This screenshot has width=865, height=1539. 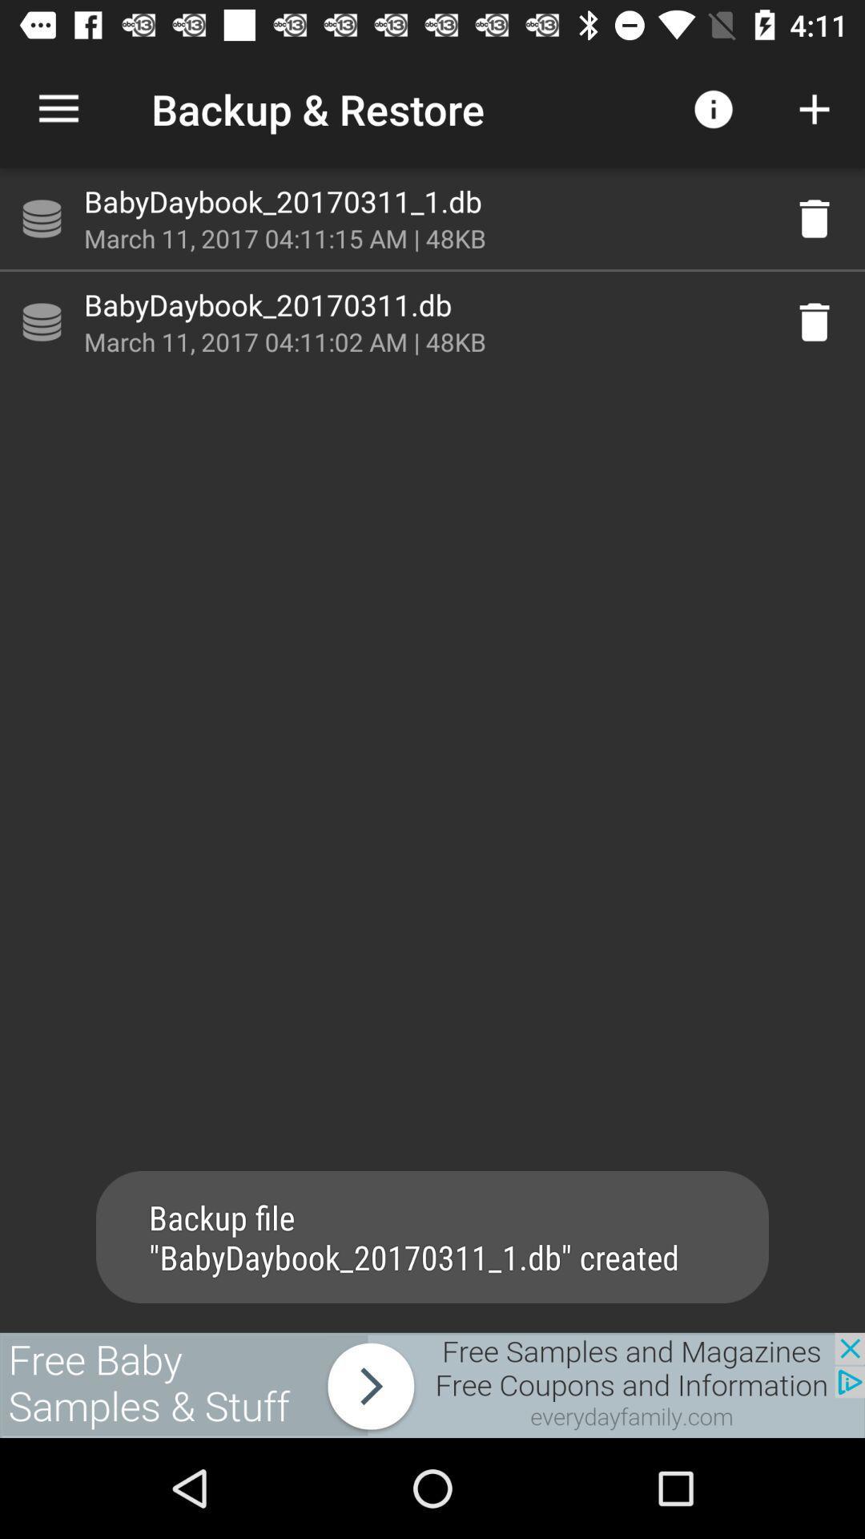 I want to click on delete database backup, so click(x=815, y=218).